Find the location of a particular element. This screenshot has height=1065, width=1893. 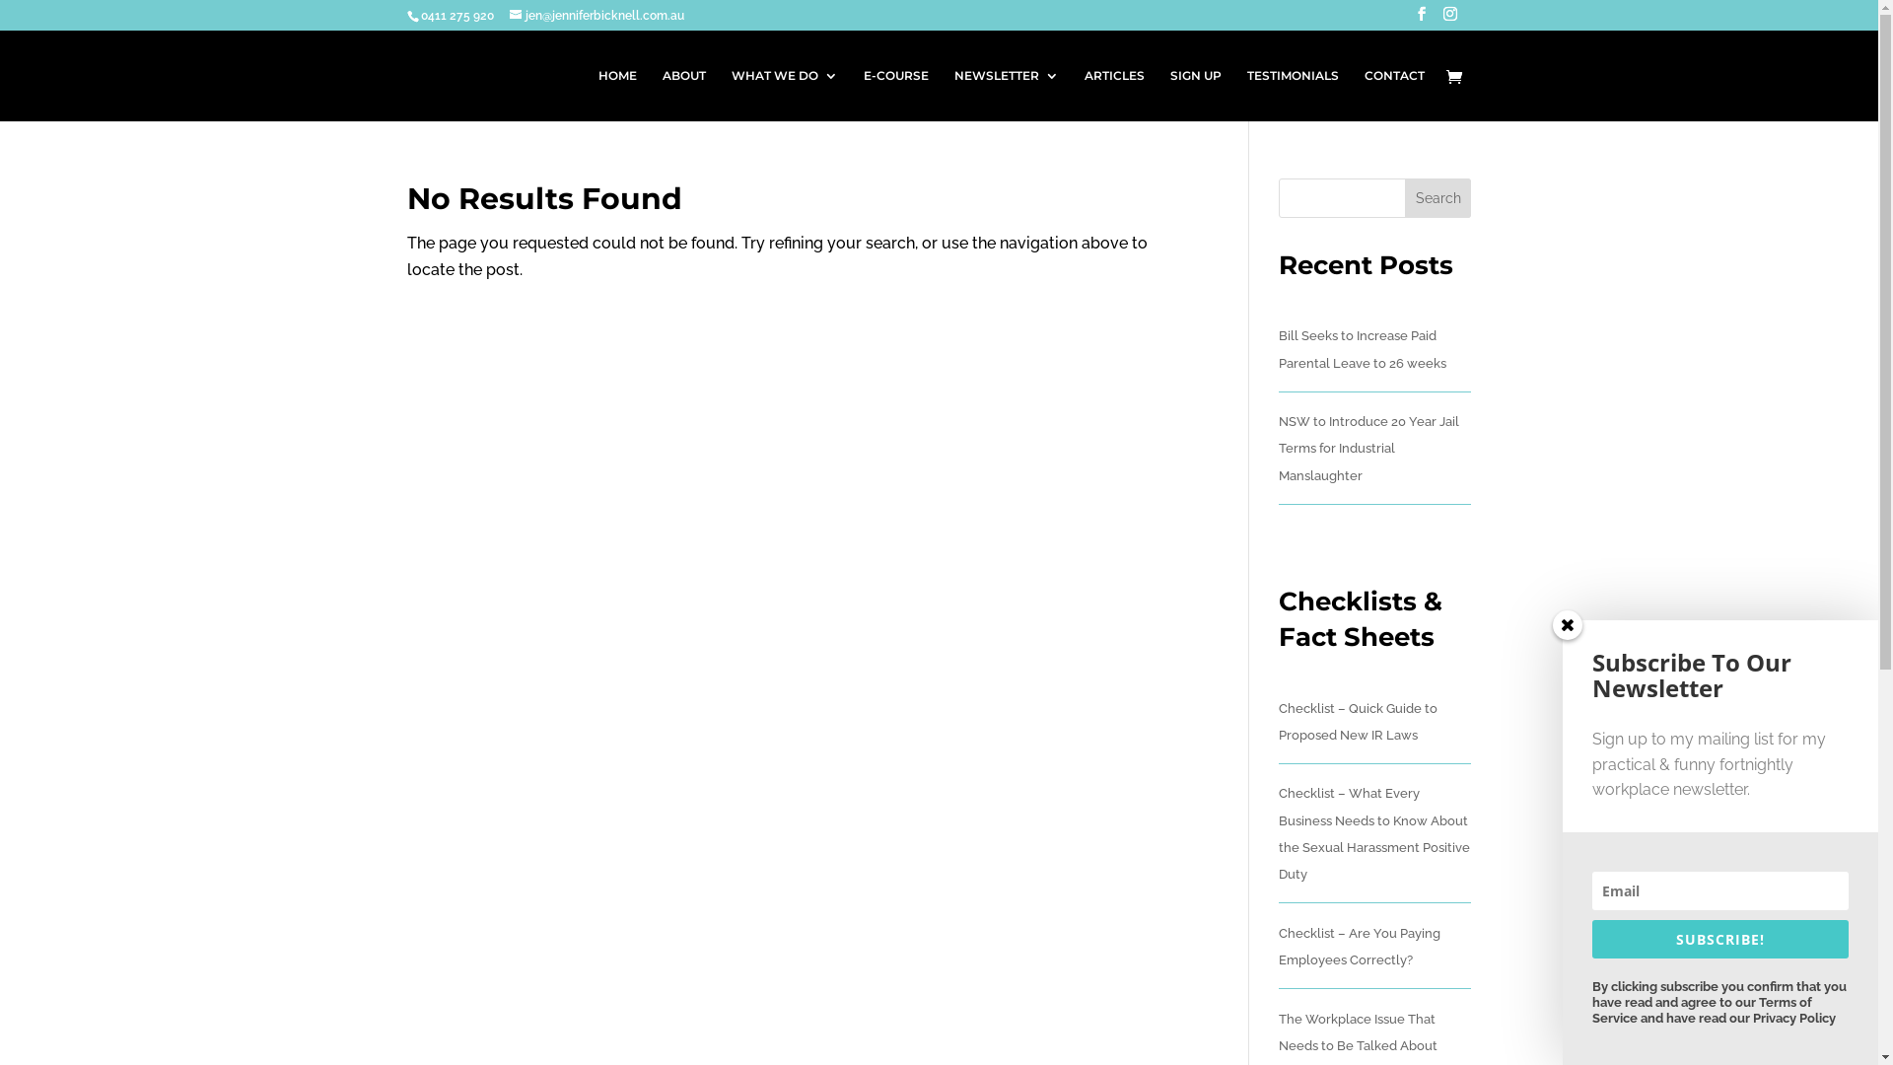

'Bill Seeks to Increase Paid Parental Leave to 26 weeks' is located at coordinates (1278, 348).